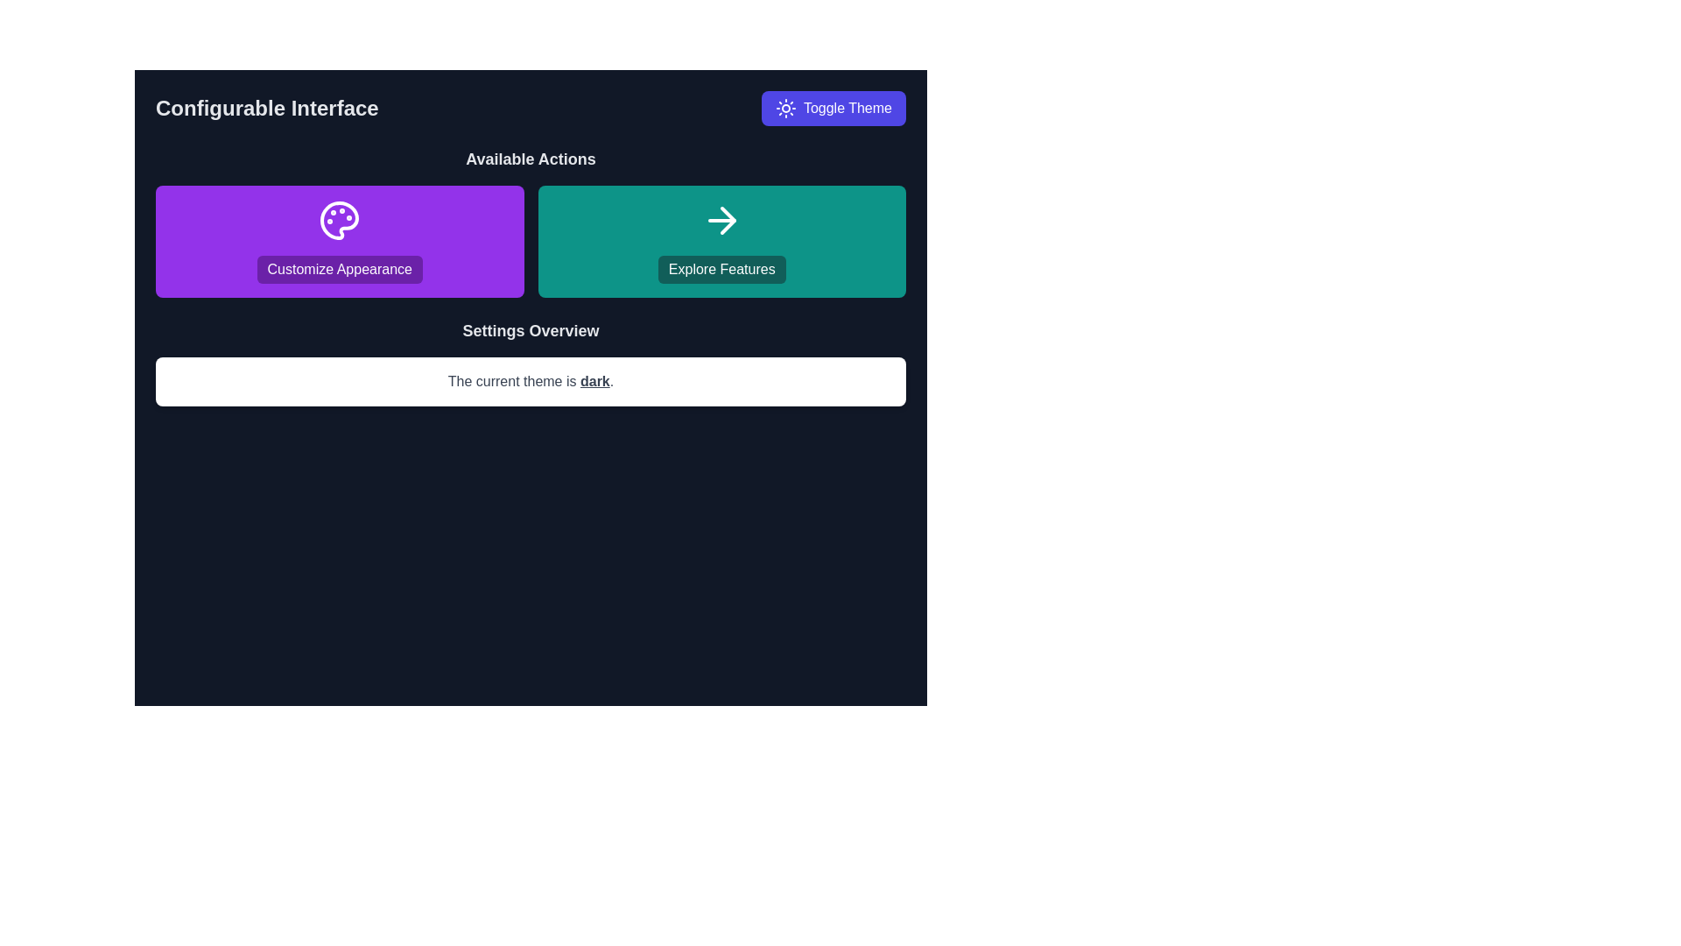 This screenshot has height=946, width=1681. What do you see at coordinates (721, 242) in the screenshot?
I see `the rightmost button in the 'Available Actions' section, which has an icon and text indicating navigation or exploration features` at bounding box center [721, 242].